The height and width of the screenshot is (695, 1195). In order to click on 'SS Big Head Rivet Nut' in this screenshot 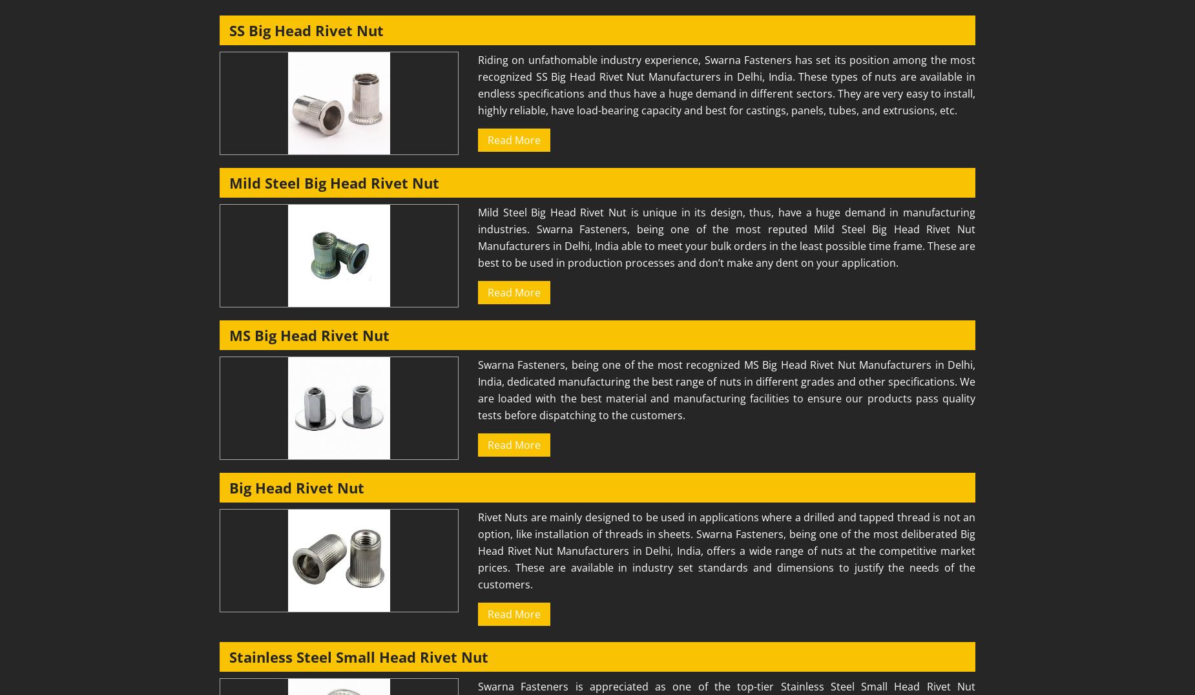, I will do `click(306, 30)`.